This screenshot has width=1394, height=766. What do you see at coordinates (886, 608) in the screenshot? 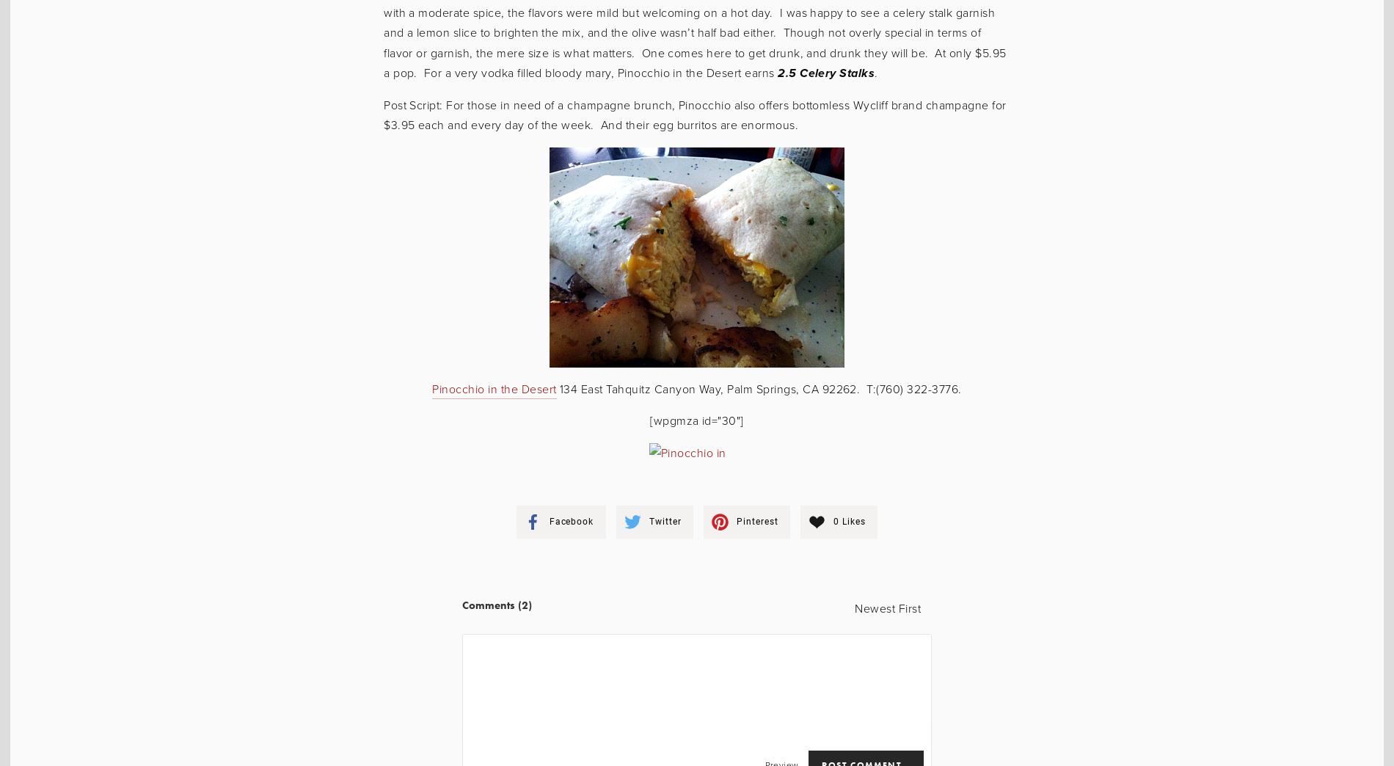
I see `'Newest First'` at bounding box center [886, 608].